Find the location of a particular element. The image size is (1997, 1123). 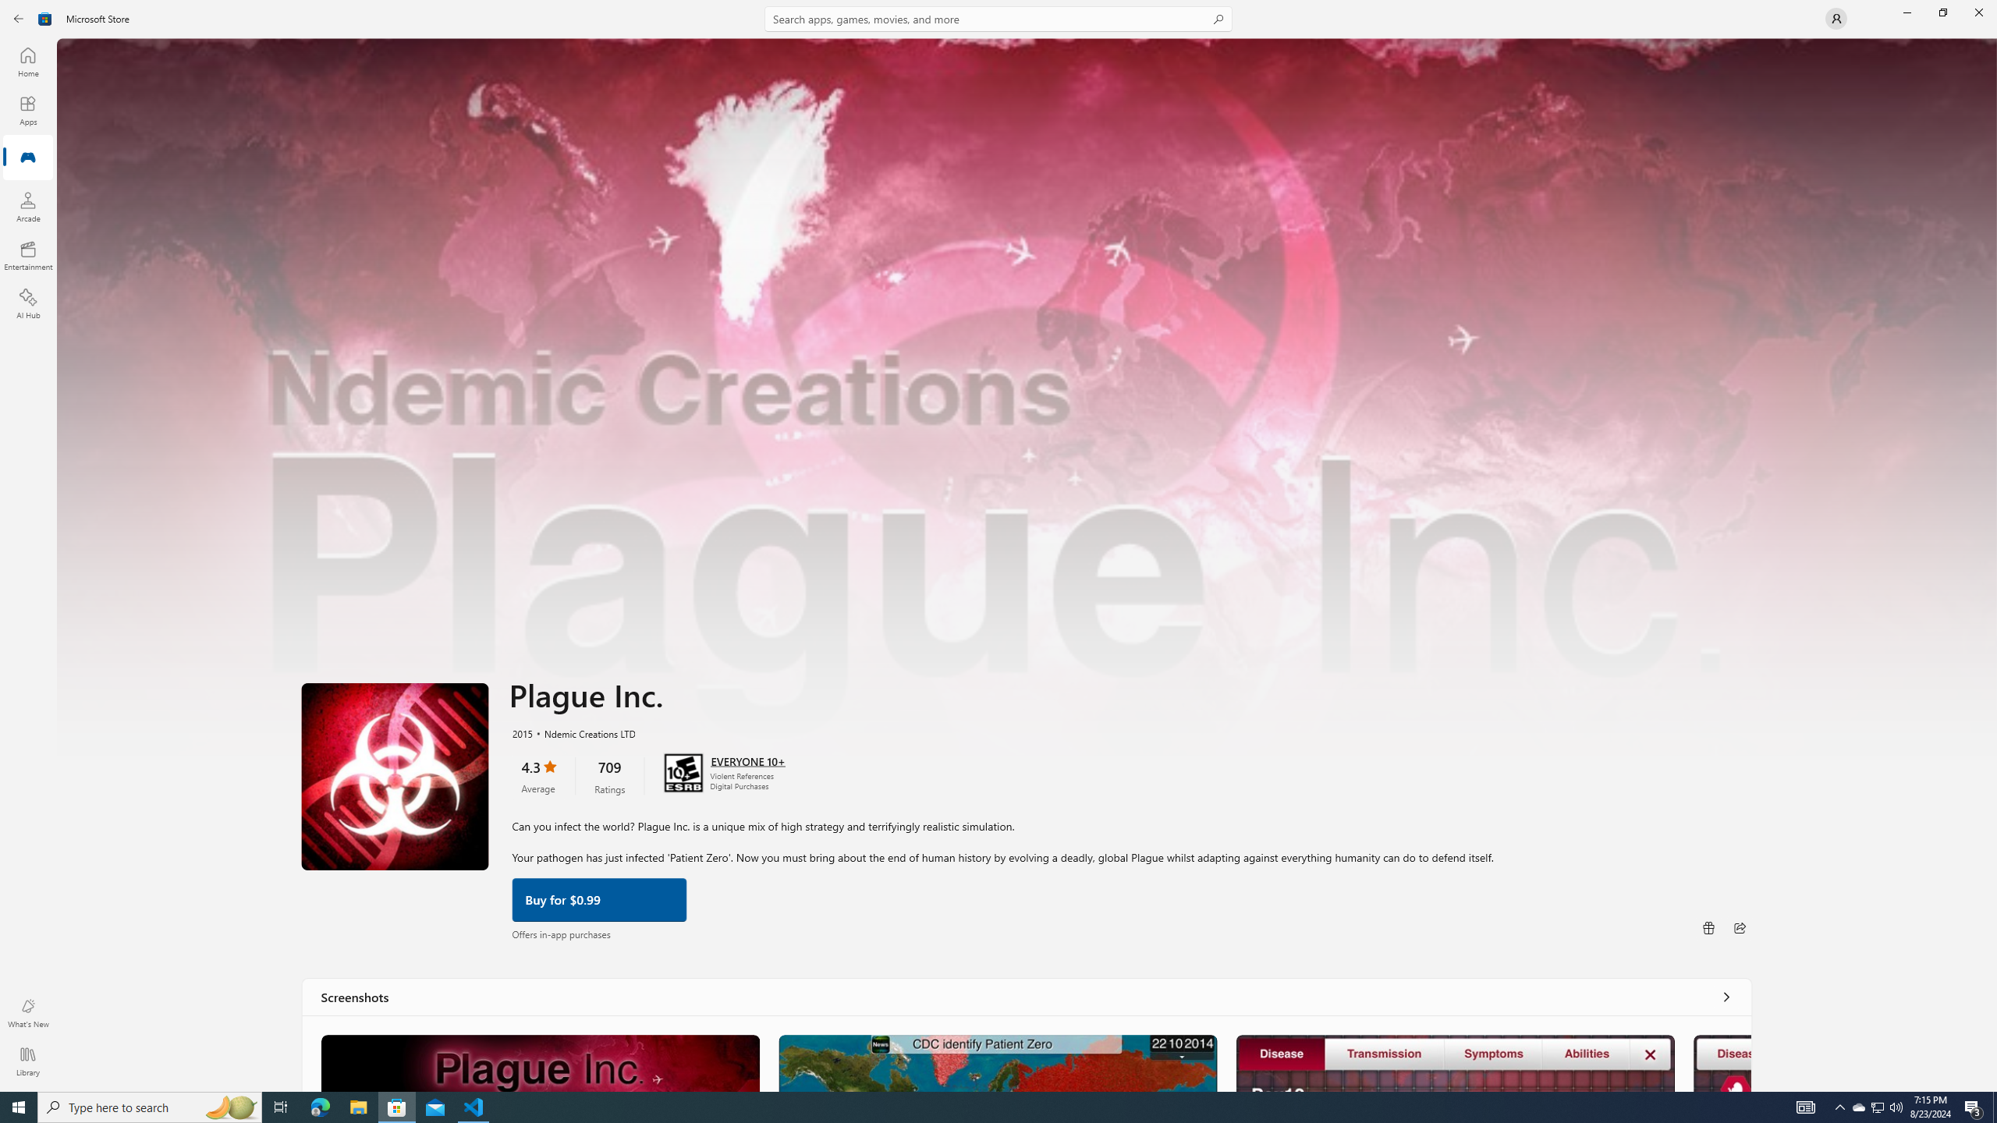

'Class: Image' is located at coordinates (44, 17).